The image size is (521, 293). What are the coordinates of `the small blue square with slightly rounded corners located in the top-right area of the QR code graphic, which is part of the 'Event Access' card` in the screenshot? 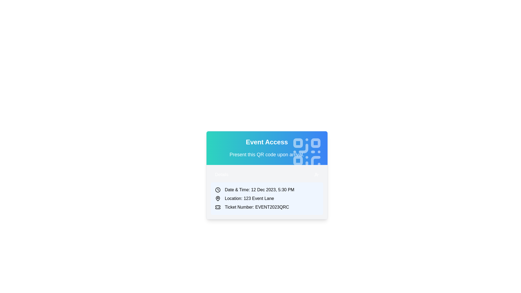 It's located at (315, 143).